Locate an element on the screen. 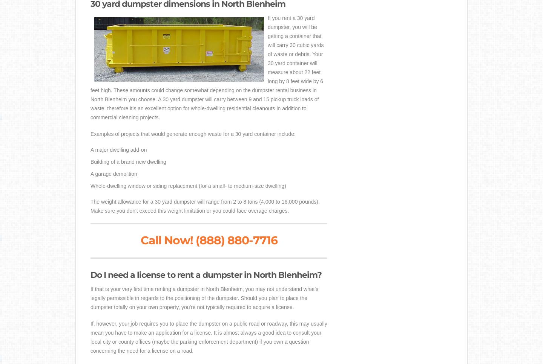 Image resolution: width=543 pixels, height=364 pixels. 'If you rent a 30 yard dumpster, you will be getting a container that will carry 30 cubic yards of waste or debris. Your 30 yard container will measure about 22 feet long by 8 feet wide by 6 feet high. These amounts could change somewhat depending on the dumpster rental business in North Blenheim you choose. A 30 yard dumpster will carry between 9 and 15 pickup truck loads of waste, therefore itis an excellent option for whole-dwelling residential cleanouts in addition to commercial cleaning projects.' is located at coordinates (207, 67).